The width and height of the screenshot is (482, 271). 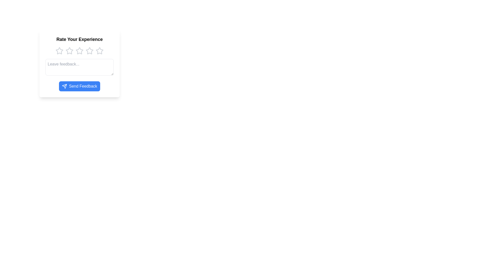 What do you see at coordinates (69, 51) in the screenshot?
I see `the second star in the horizontal sequence of rating stars, located in the upper center of the feedback card below the 'Rate Your Experience' text` at bounding box center [69, 51].